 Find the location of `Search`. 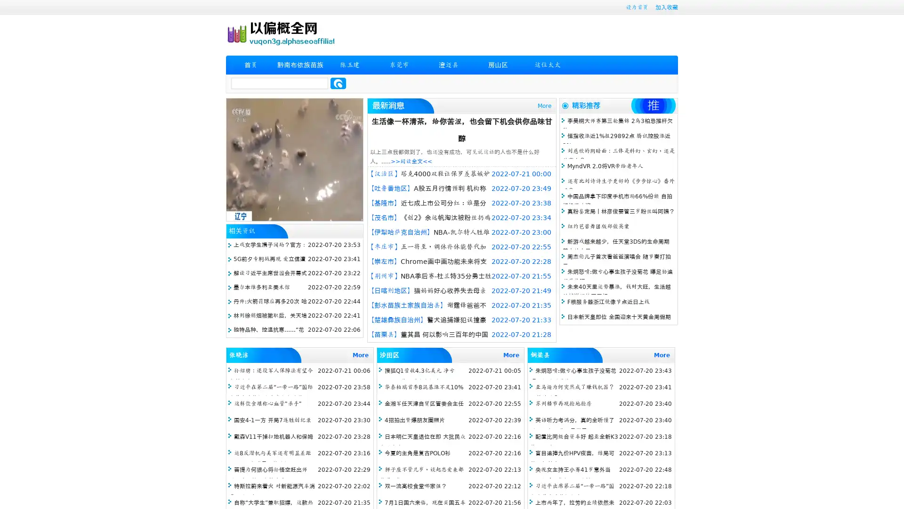

Search is located at coordinates (338, 83).